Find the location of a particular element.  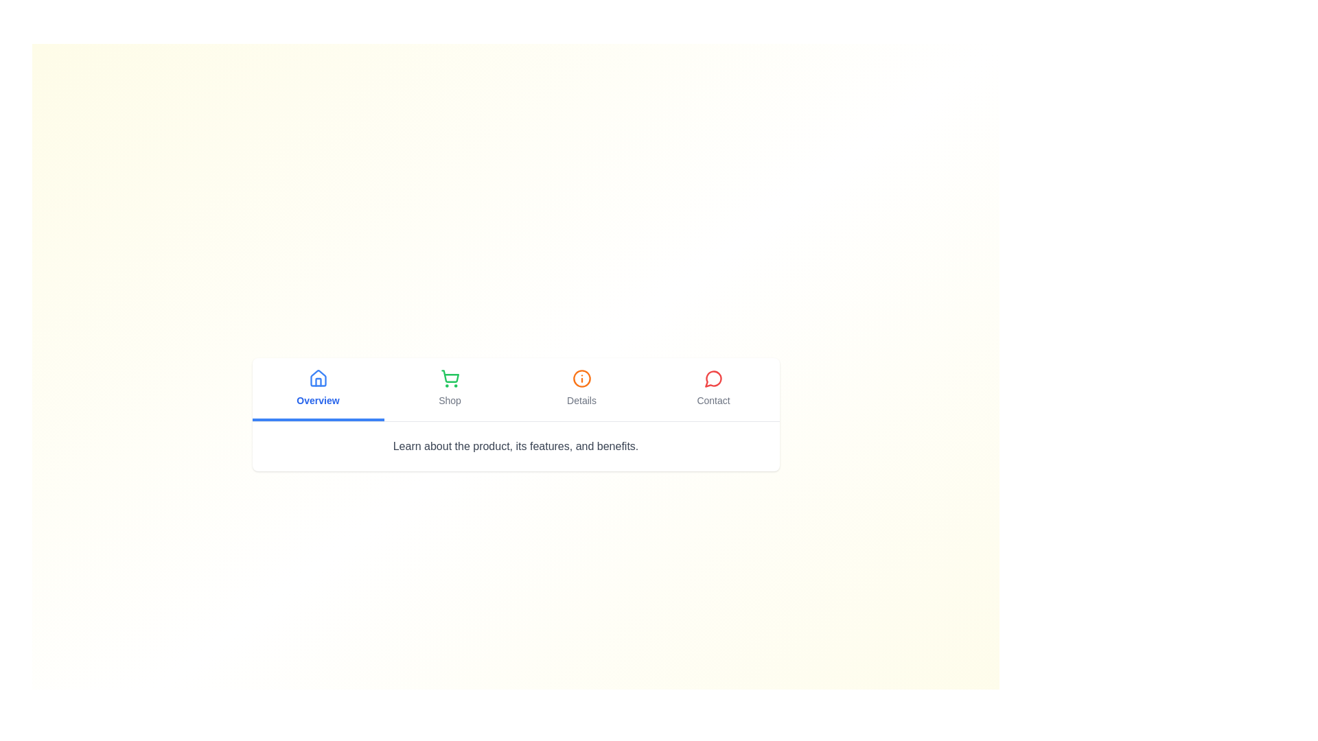

the Shop tab to switch to its content is located at coordinates (450, 389).